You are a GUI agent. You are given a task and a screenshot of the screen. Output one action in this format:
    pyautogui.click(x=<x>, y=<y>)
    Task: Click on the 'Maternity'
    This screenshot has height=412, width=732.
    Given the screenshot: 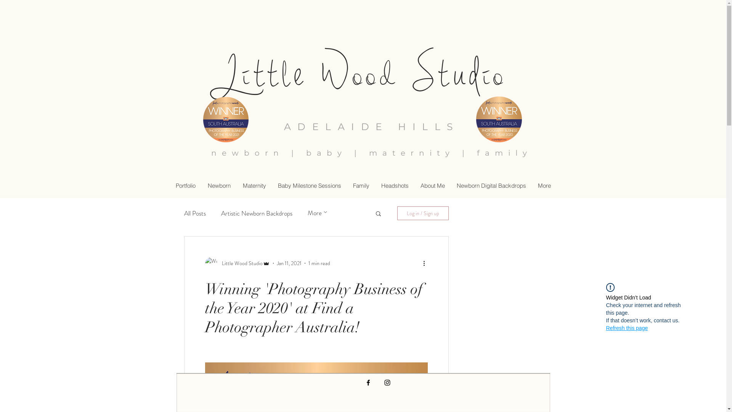 What is the action you would take?
    pyautogui.click(x=254, y=185)
    